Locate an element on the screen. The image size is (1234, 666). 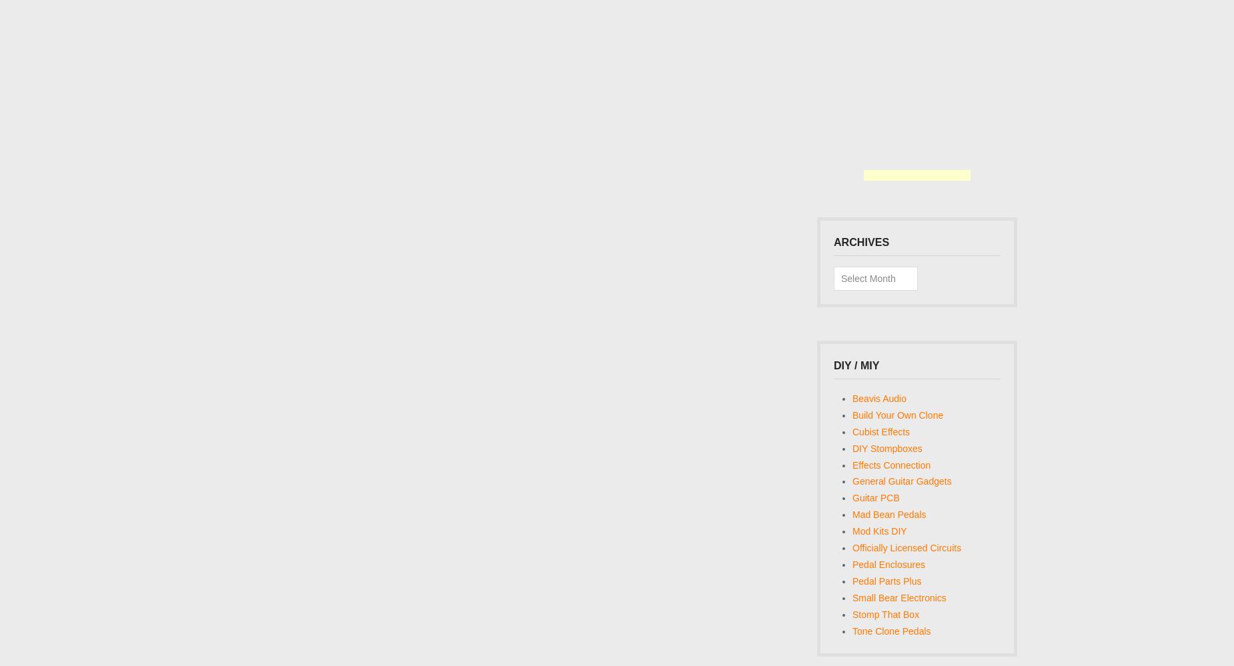
'Pedal Enclosures' is located at coordinates (888, 563).